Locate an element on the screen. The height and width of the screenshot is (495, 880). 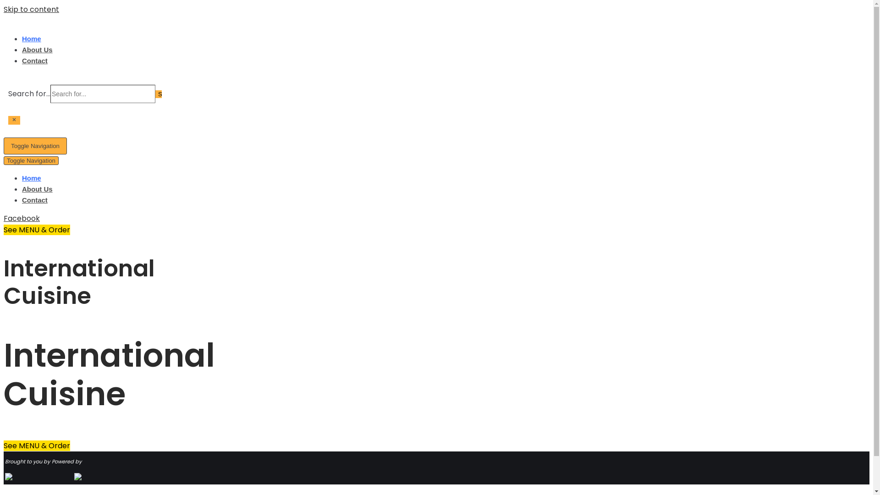
'Facebook' is located at coordinates (22, 218).